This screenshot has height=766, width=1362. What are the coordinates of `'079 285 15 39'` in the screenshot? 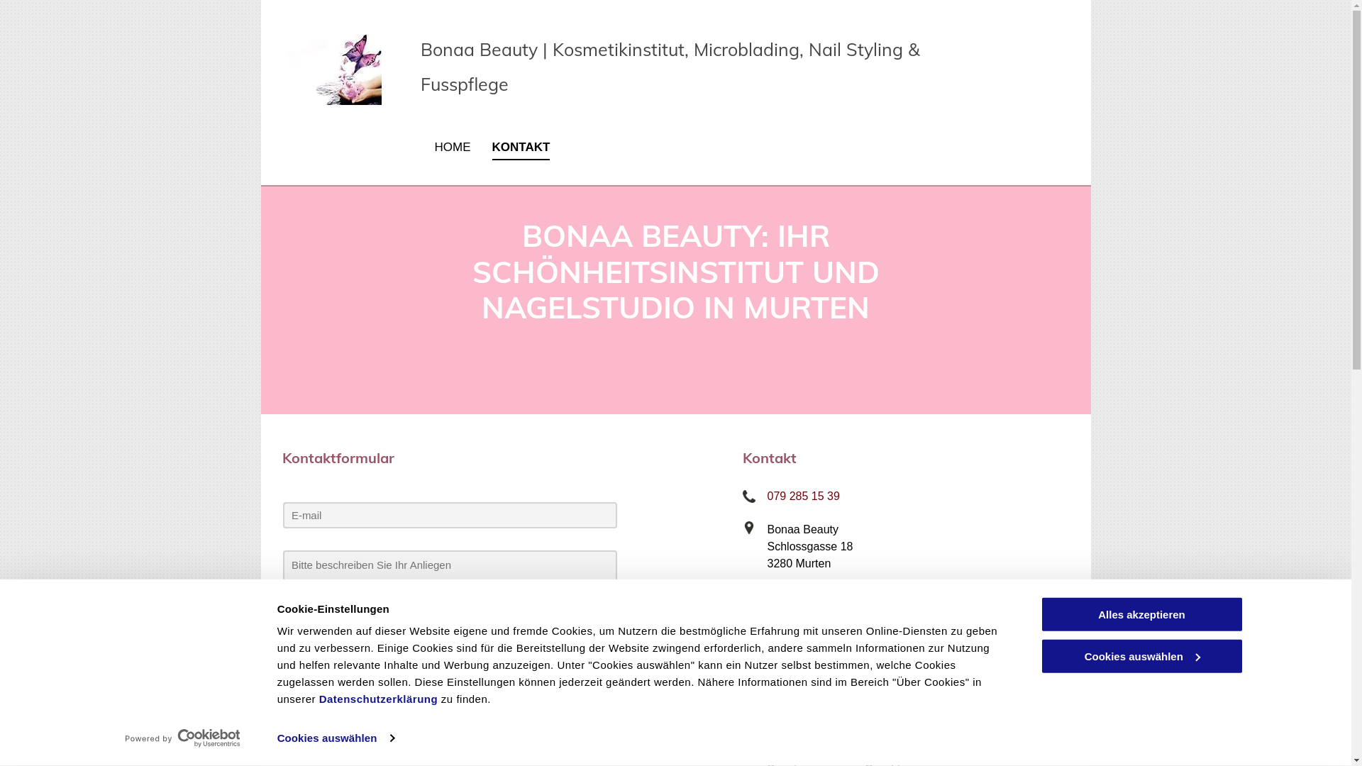 It's located at (803, 495).